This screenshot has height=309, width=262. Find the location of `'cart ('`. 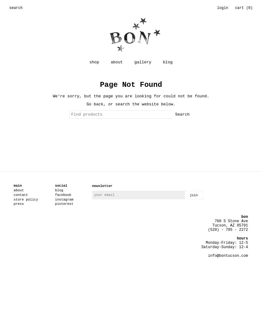

'cart (' is located at coordinates (241, 8).